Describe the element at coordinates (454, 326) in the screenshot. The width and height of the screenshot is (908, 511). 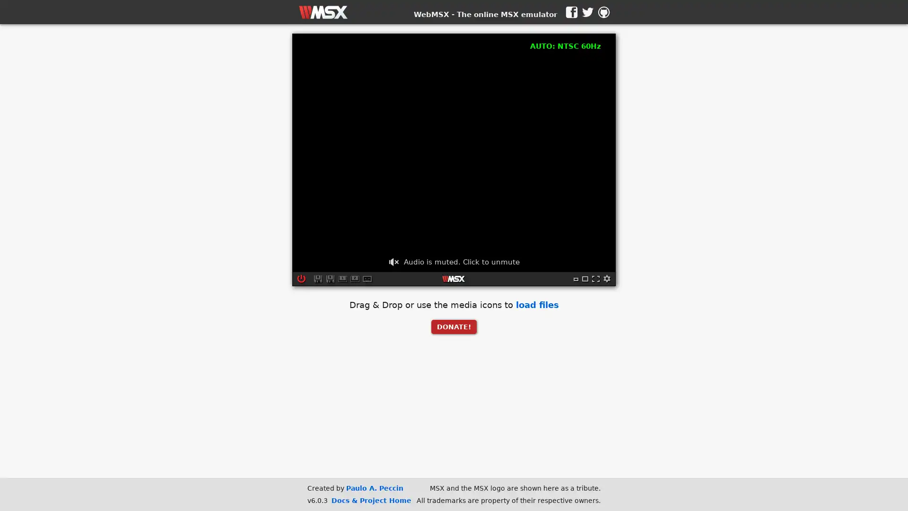
I see `DONATE!` at that location.